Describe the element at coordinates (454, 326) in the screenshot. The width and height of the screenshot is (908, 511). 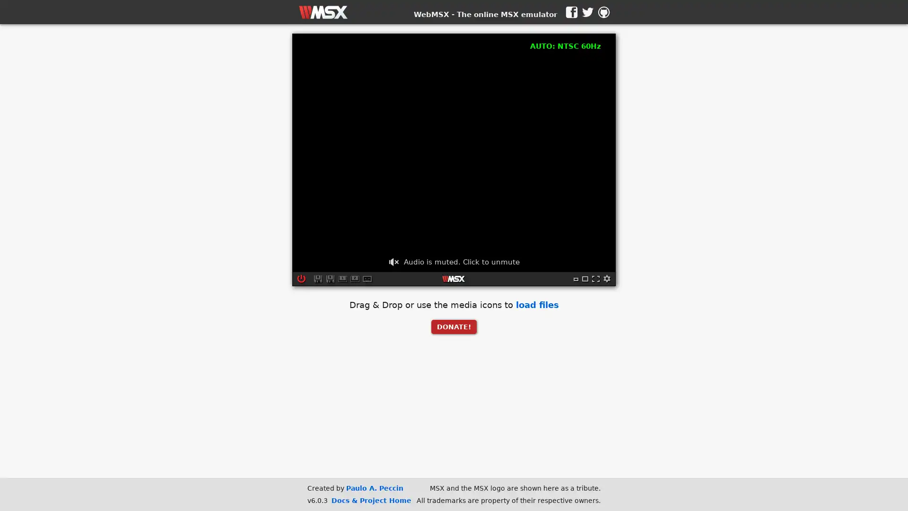
I see `DONATE!` at that location.